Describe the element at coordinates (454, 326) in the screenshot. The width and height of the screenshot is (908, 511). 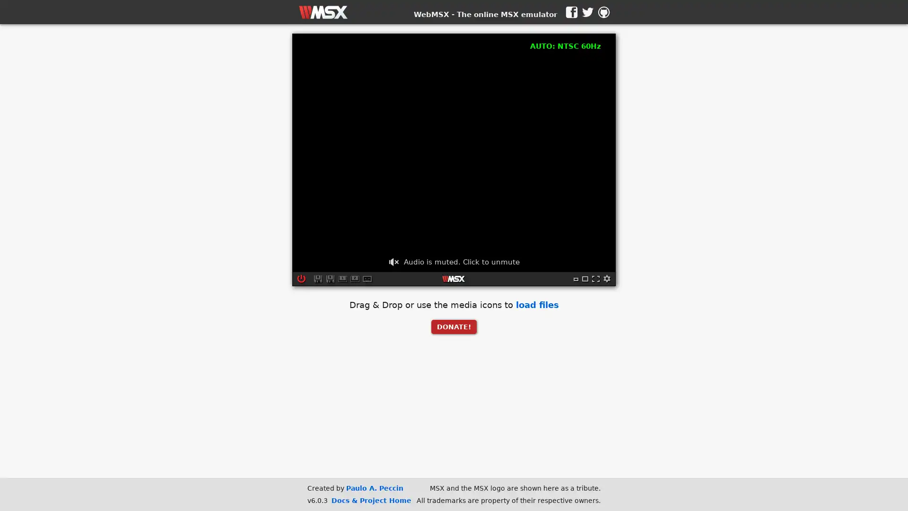
I see `DONATE!` at that location.